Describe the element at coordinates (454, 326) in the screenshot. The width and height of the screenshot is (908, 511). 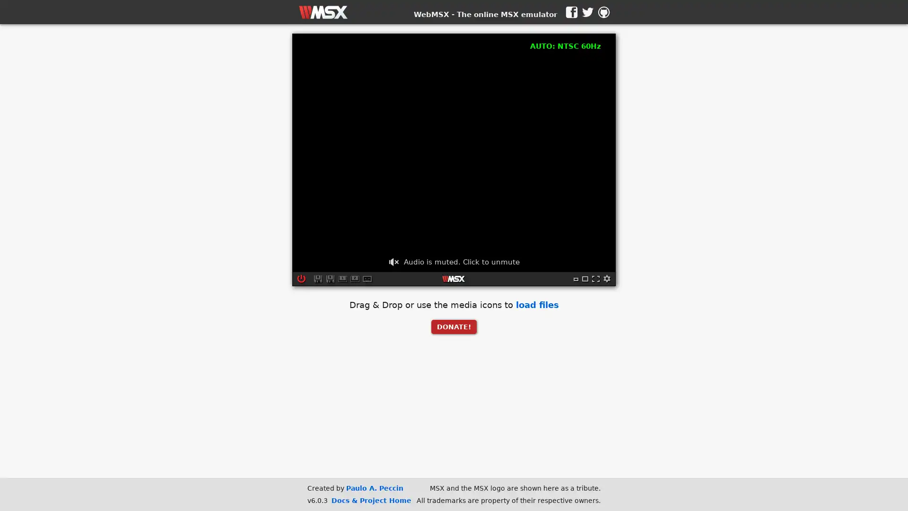
I see `DONATE!` at that location.